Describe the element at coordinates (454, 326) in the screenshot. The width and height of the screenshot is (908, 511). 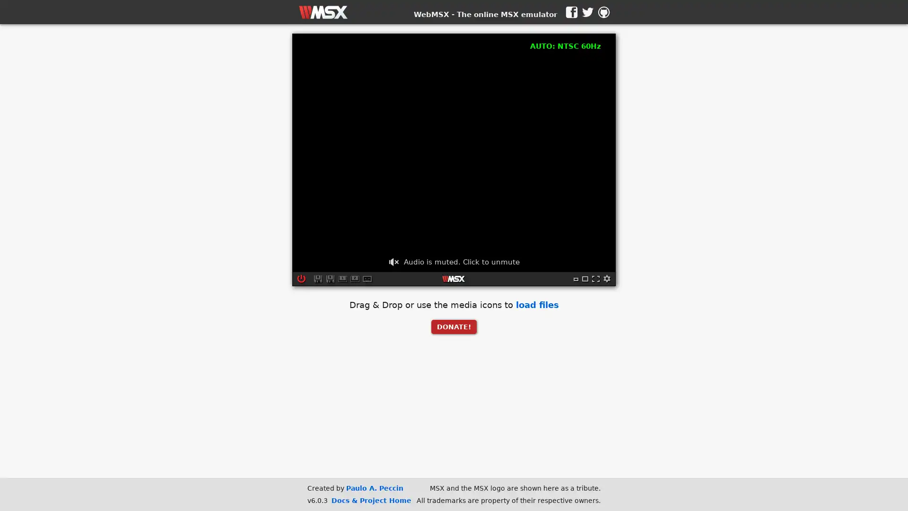
I see `DONATE!` at that location.